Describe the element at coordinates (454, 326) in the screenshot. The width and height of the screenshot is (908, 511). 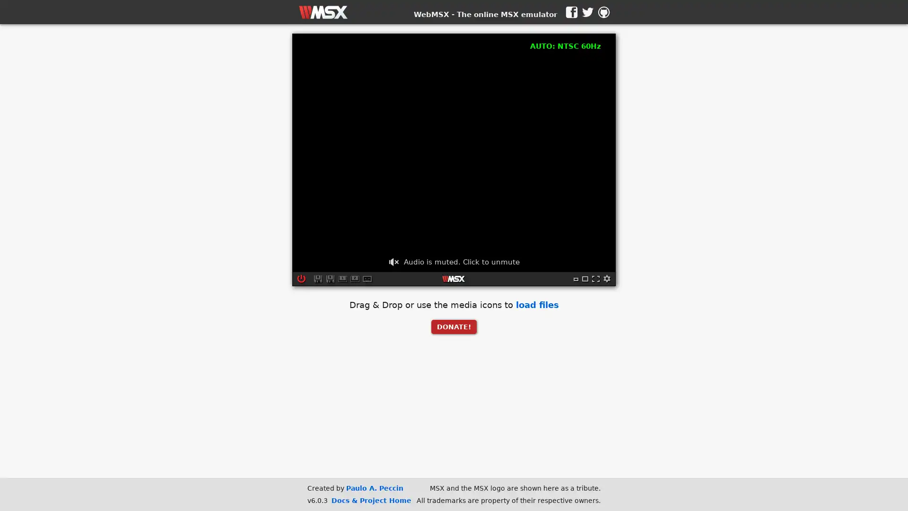
I see `DONATE!` at that location.